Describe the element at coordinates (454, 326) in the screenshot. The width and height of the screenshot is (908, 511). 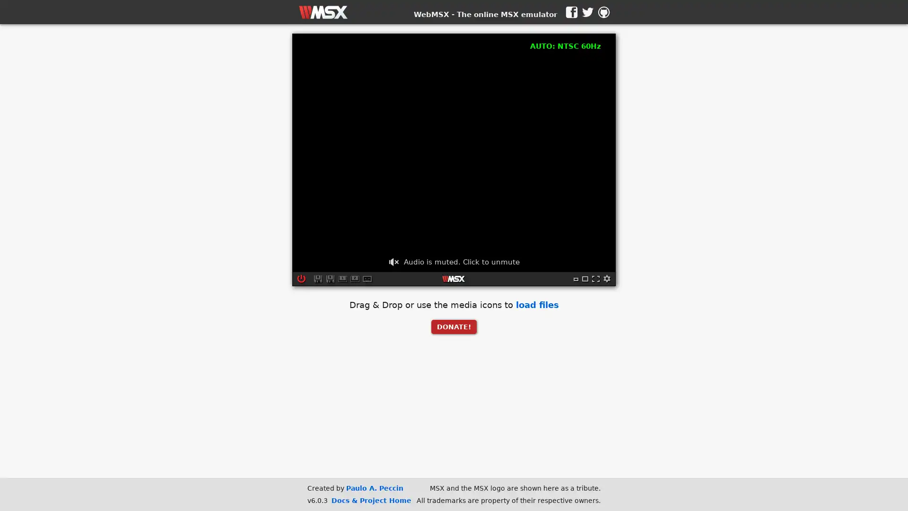
I see `DONATE!` at that location.